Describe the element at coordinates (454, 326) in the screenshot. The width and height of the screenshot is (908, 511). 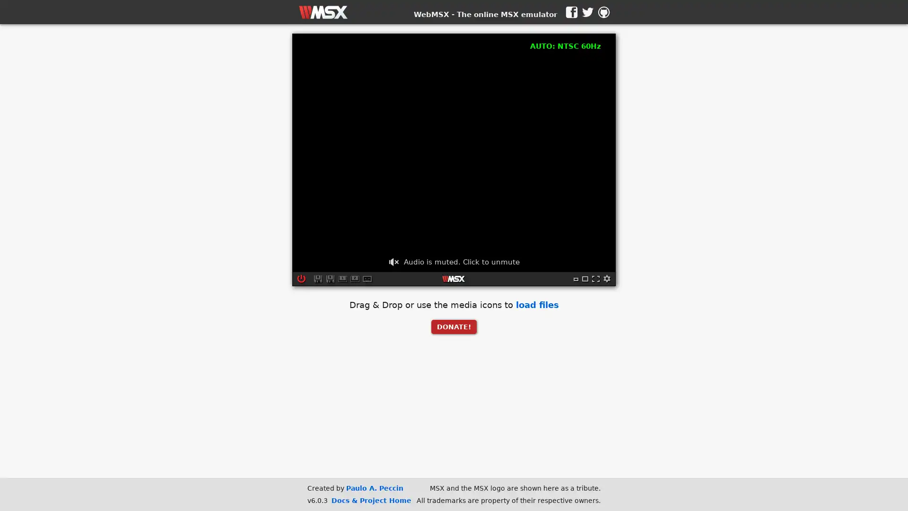
I see `DONATE!` at that location.